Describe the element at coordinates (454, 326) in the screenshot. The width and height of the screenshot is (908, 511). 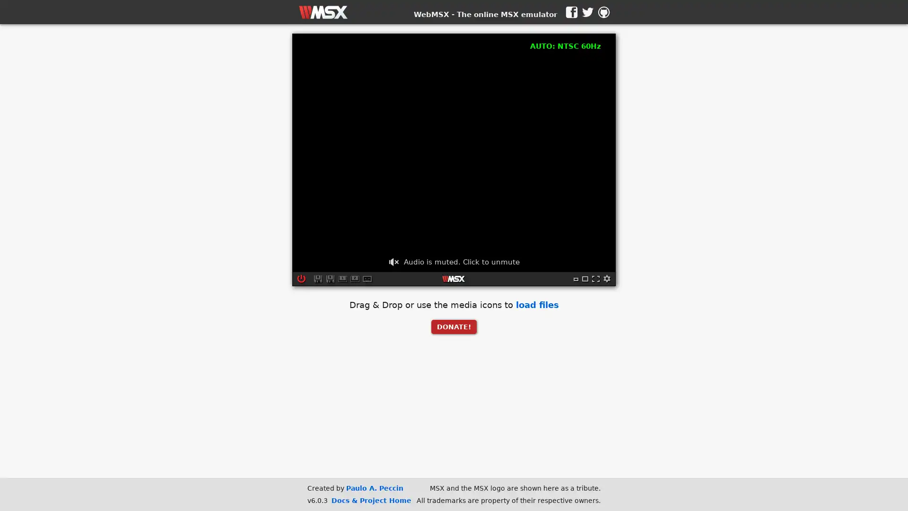
I see `DONATE!` at that location.